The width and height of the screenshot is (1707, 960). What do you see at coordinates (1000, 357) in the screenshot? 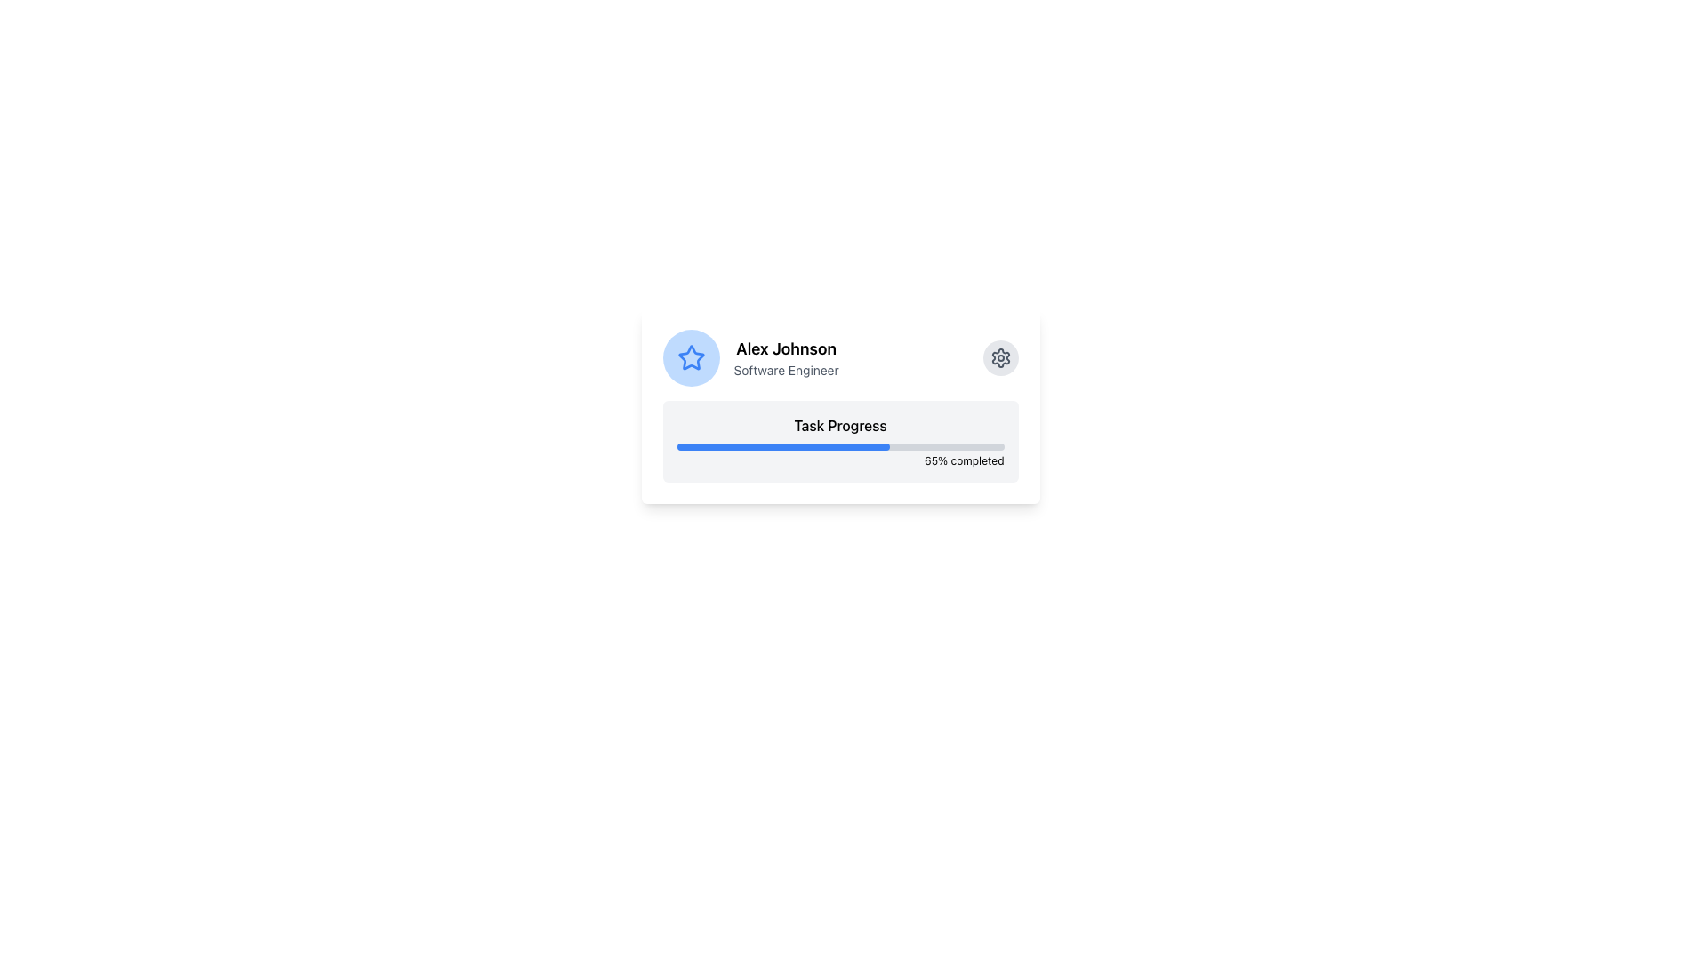
I see `the settings icon located in the top-right corner of the card` at bounding box center [1000, 357].